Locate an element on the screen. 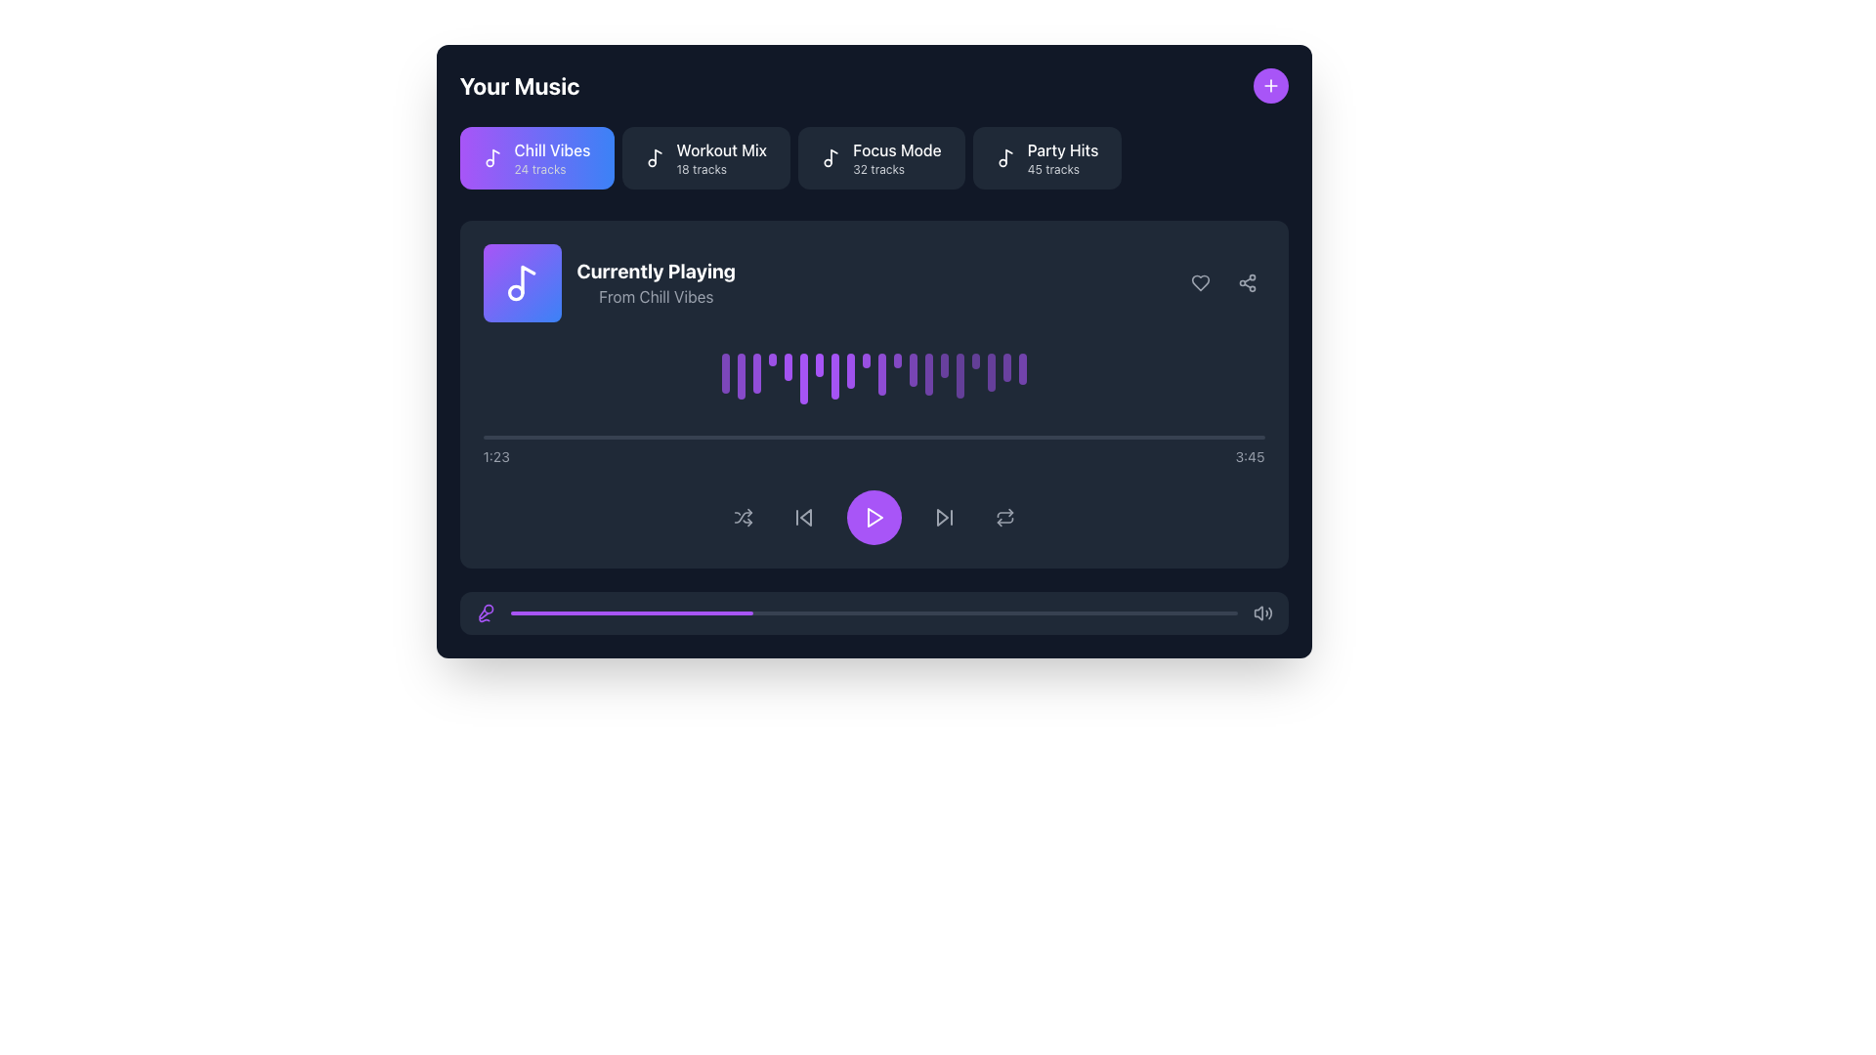 Image resolution: width=1876 pixels, height=1055 pixels. the Progress bar indicator located at the bottom panel of the music interface, which visually represents the current playback or task progress is located at coordinates (631, 612).